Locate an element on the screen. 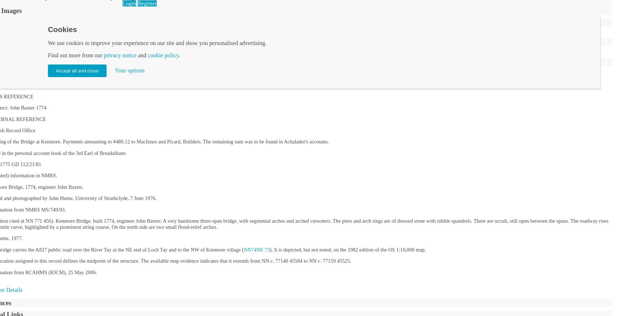 This screenshot has height=316, width=620. 'Login' is located at coordinates (122, 3).